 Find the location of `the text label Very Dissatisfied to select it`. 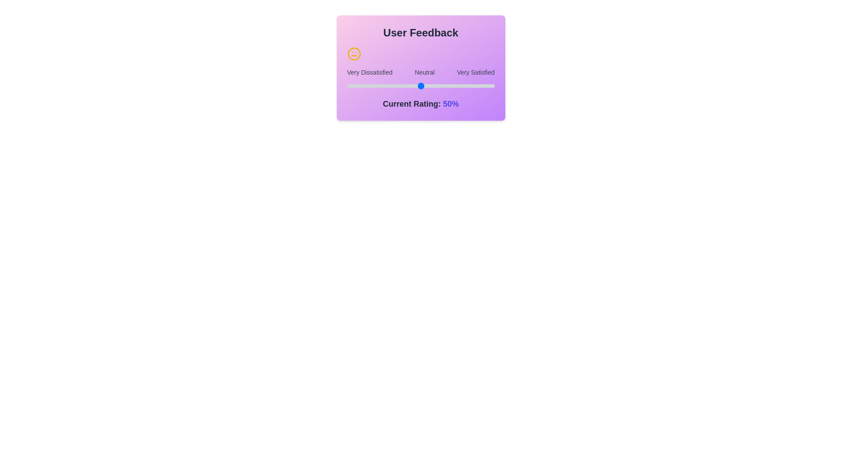

the text label Very Dissatisfied to select it is located at coordinates (369, 72).